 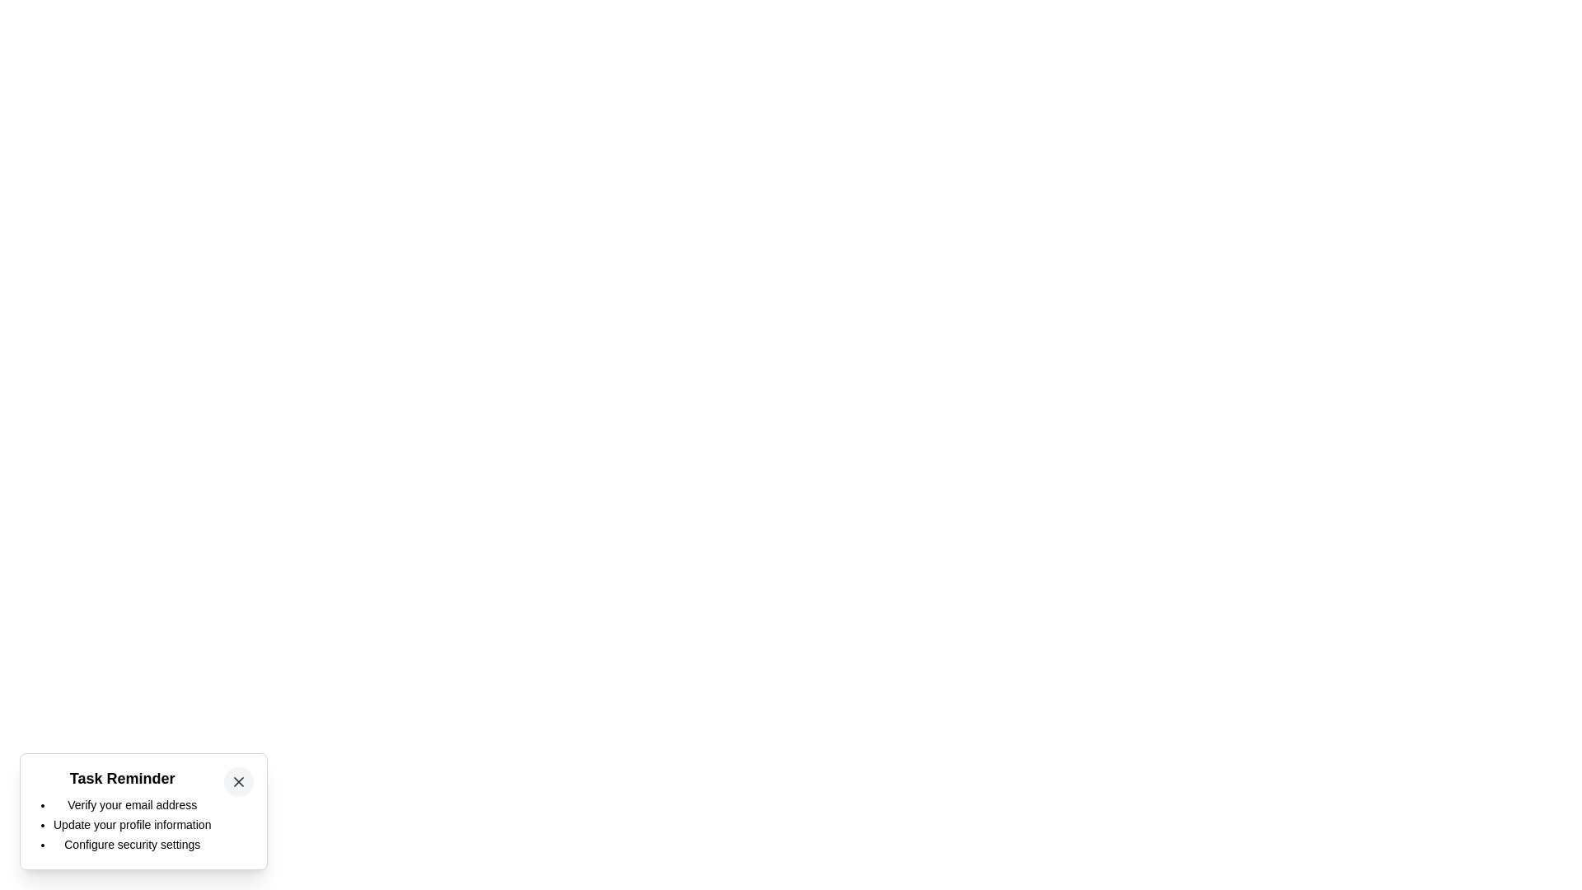 I want to click on the dismiss button to close the snackbar, so click(x=238, y=780).